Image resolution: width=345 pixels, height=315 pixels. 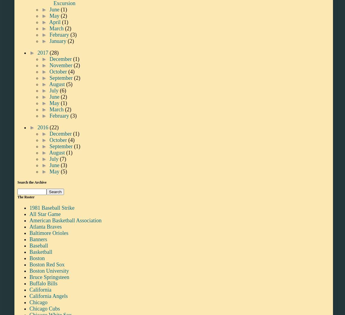 What do you see at coordinates (40, 289) in the screenshot?
I see `'California'` at bounding box center [40, 289].